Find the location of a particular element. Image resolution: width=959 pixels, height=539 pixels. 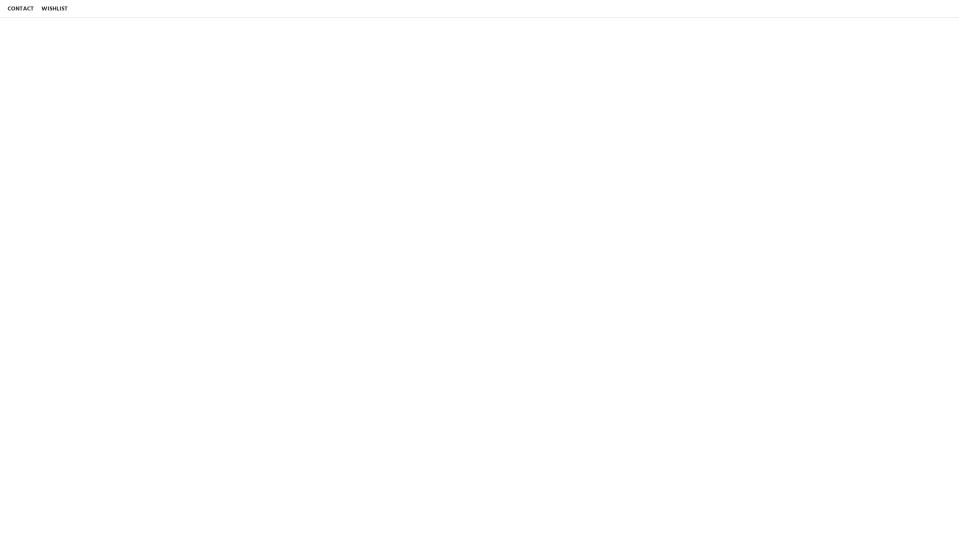

'CONTACT' is located at coordinates (20, 8).